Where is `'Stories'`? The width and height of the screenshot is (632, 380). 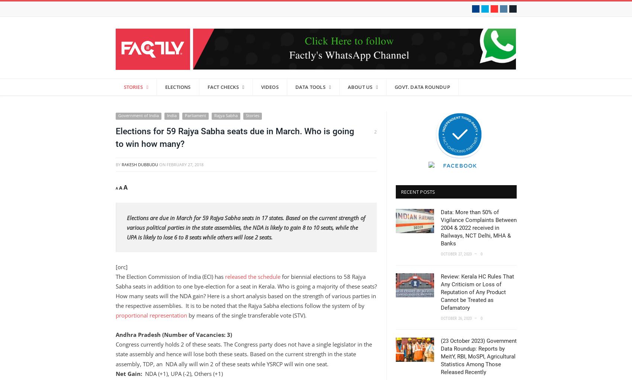
'Stories' is located at coordinates (252, 115).